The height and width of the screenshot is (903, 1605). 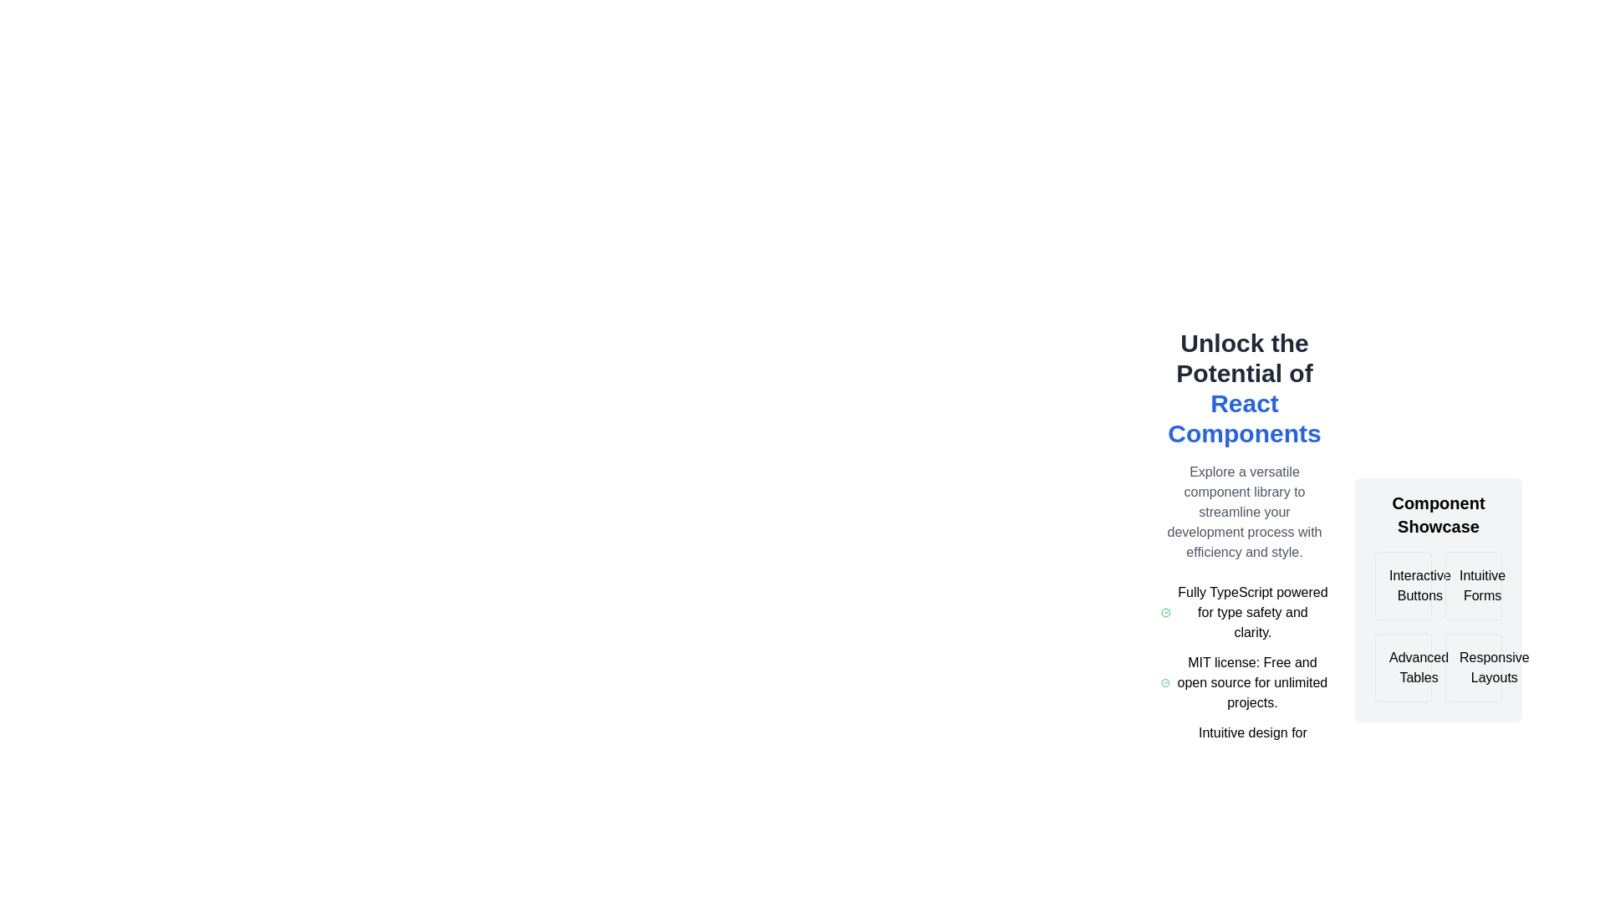 What do you see at coordinates (1482, 585) in the screenshot?
I see `the static text displaying 'Intuitive Forms' located in the upper right section of the interface within the 'Component Showcase' card` at bounding box center [1482, 585].